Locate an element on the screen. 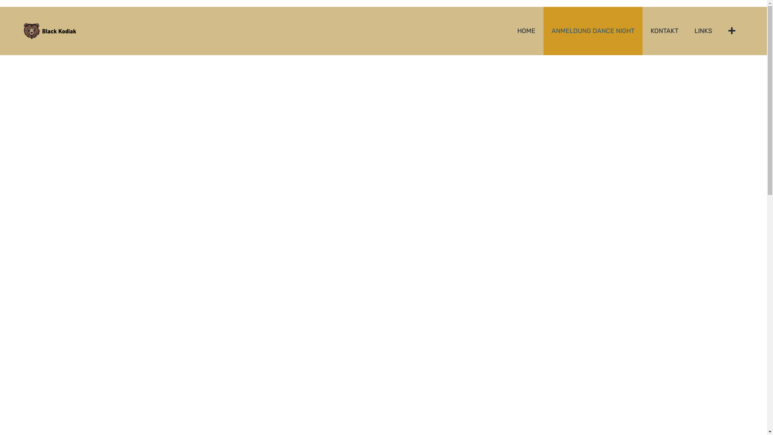 The height and width of the screenshot is (435, 773). 'KONTAKT' is located at coordinates (664, 31).